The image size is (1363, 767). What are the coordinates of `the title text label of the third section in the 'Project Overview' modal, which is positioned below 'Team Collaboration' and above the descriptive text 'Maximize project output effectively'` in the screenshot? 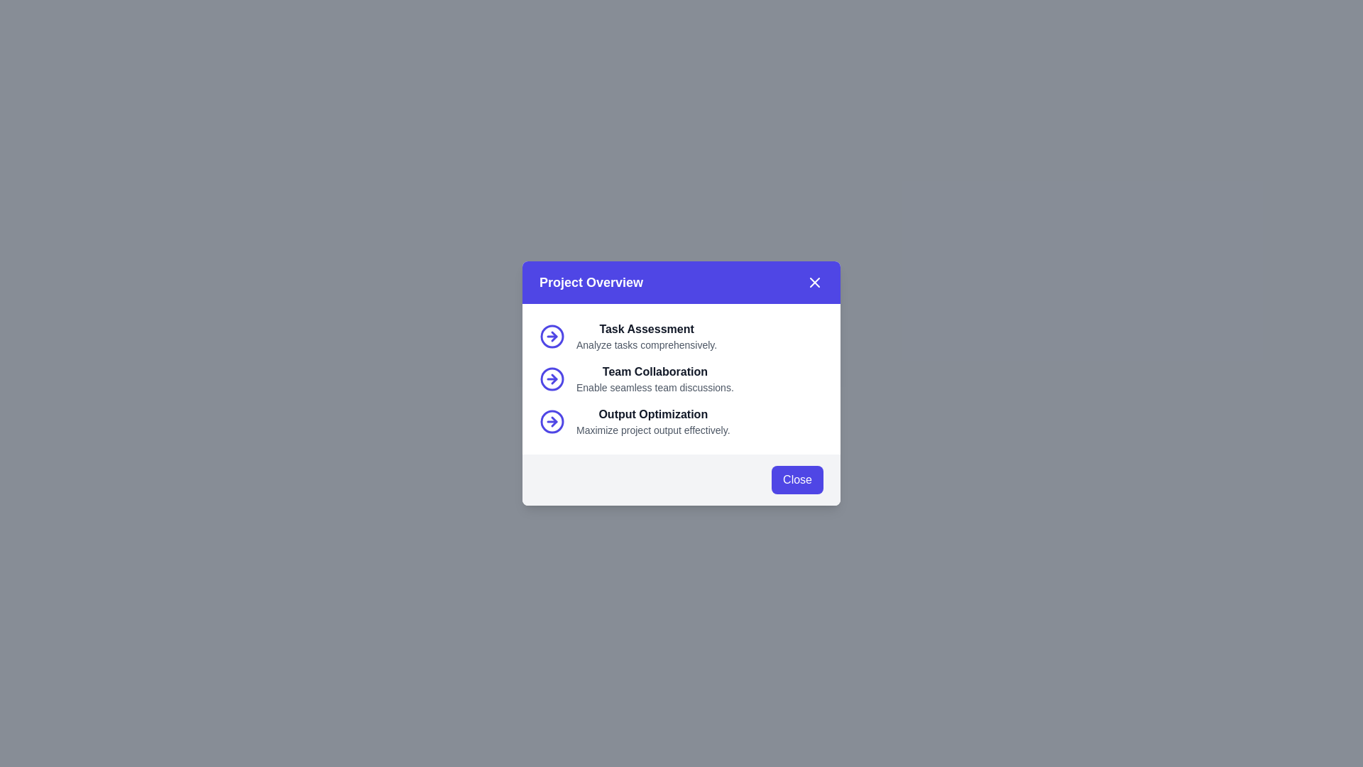 It's located at (652, 414).